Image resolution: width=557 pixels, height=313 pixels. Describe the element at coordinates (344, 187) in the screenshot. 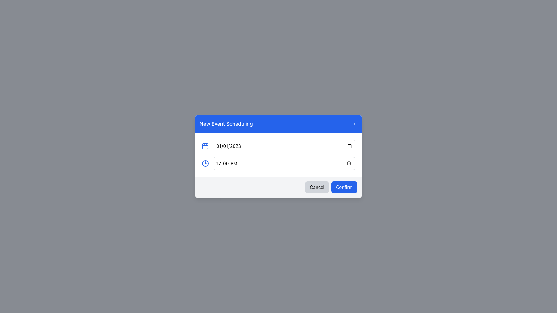

I see `the blue 'Confirm' button with white text, located at the bottom right of the modal dialog box, to confirm the action` at that location.